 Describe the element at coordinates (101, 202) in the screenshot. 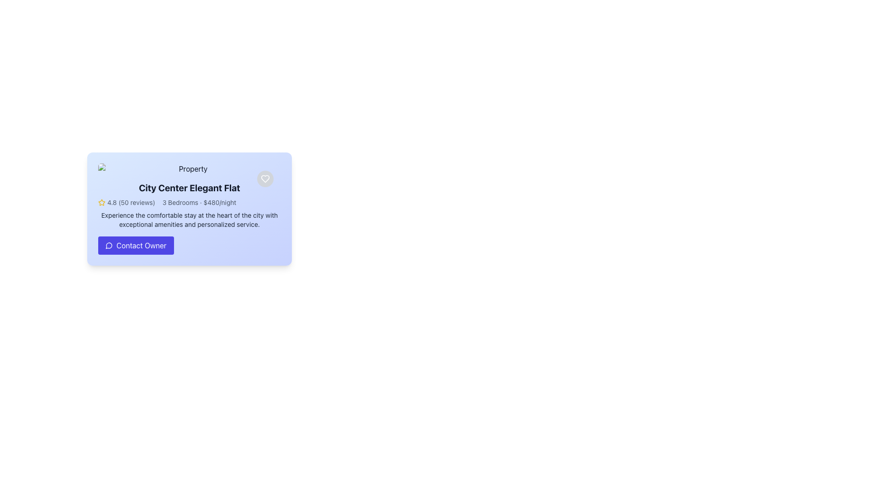

I see `the star icon representing the high rating for the property, located above the property title text in the top-left of the card` at that location.